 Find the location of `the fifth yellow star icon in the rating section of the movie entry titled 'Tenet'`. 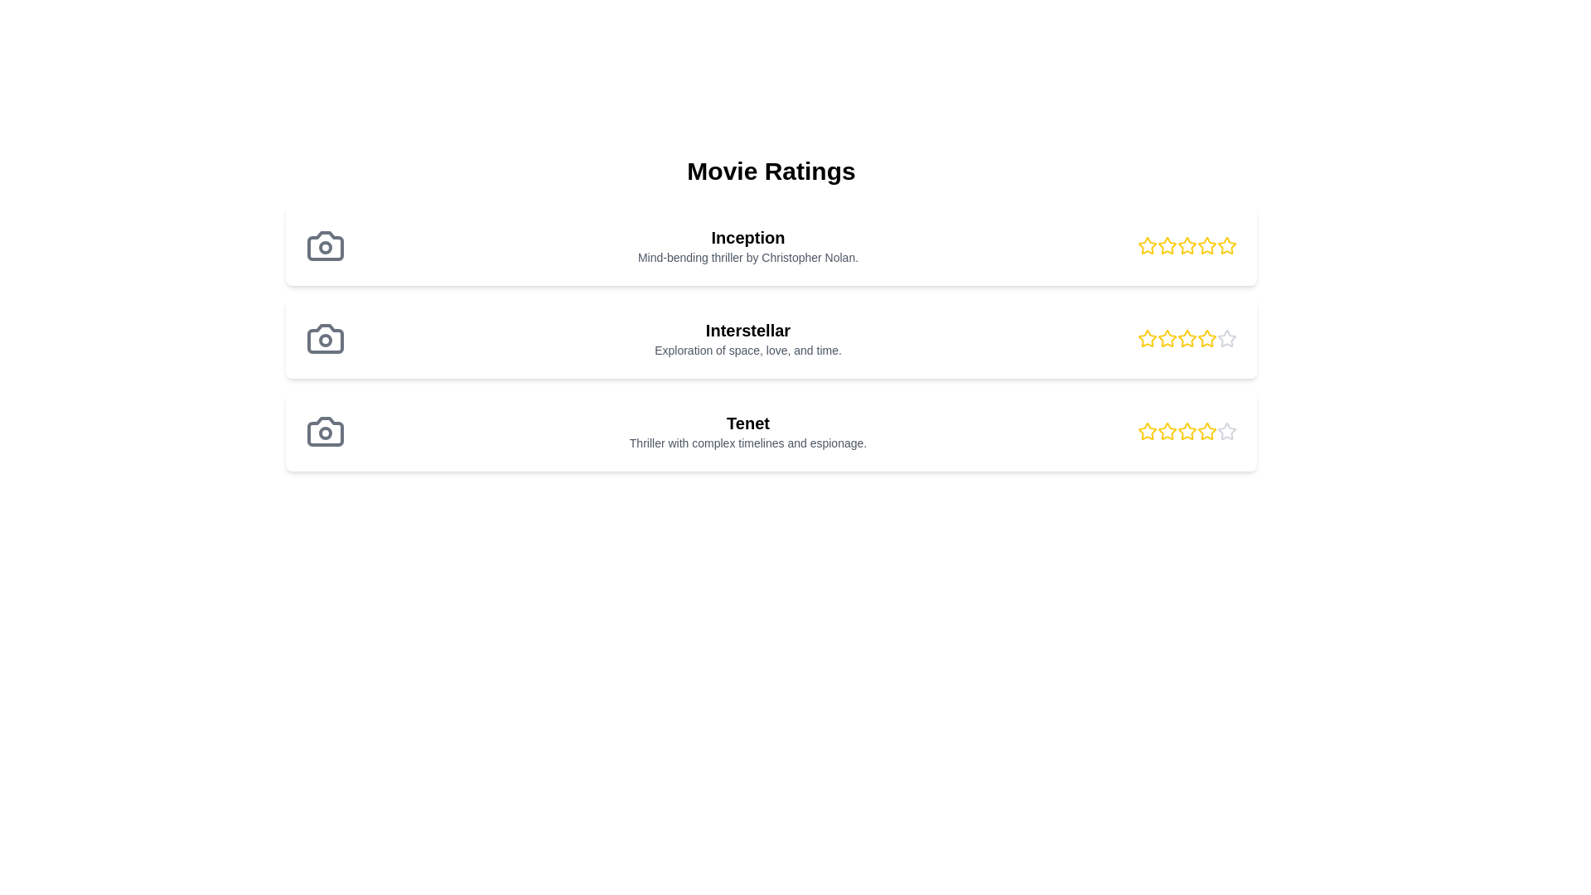

the fifth yellow star icon in the rating section of the movie entry titled 'Tenet' is located at coordinates (1207, 430).